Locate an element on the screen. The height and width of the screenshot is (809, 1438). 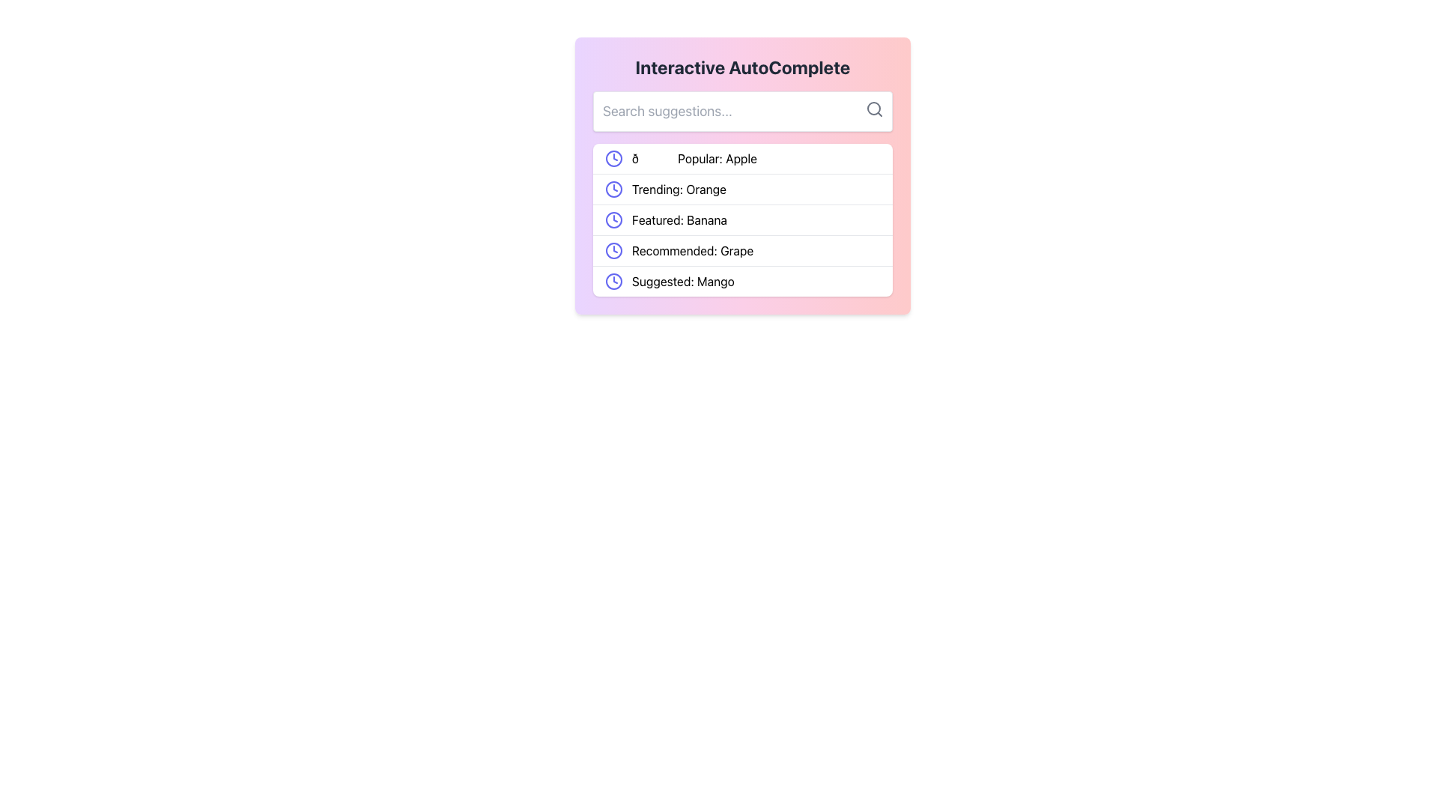
the outer circular decorative icon of the clock located to the left of the text 'Featured: Banana' in the third row of the list items is located at coordinates (614, 219).